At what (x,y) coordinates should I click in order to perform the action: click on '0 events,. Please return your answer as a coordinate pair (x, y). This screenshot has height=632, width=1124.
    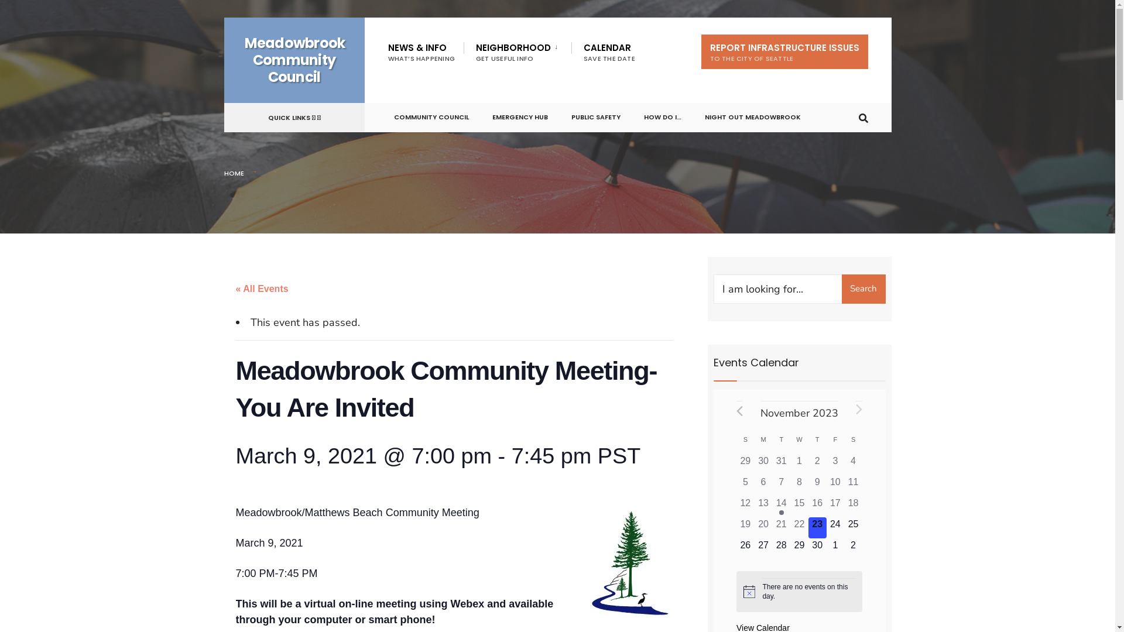
    Looking at the image, I should click on (853, 528).